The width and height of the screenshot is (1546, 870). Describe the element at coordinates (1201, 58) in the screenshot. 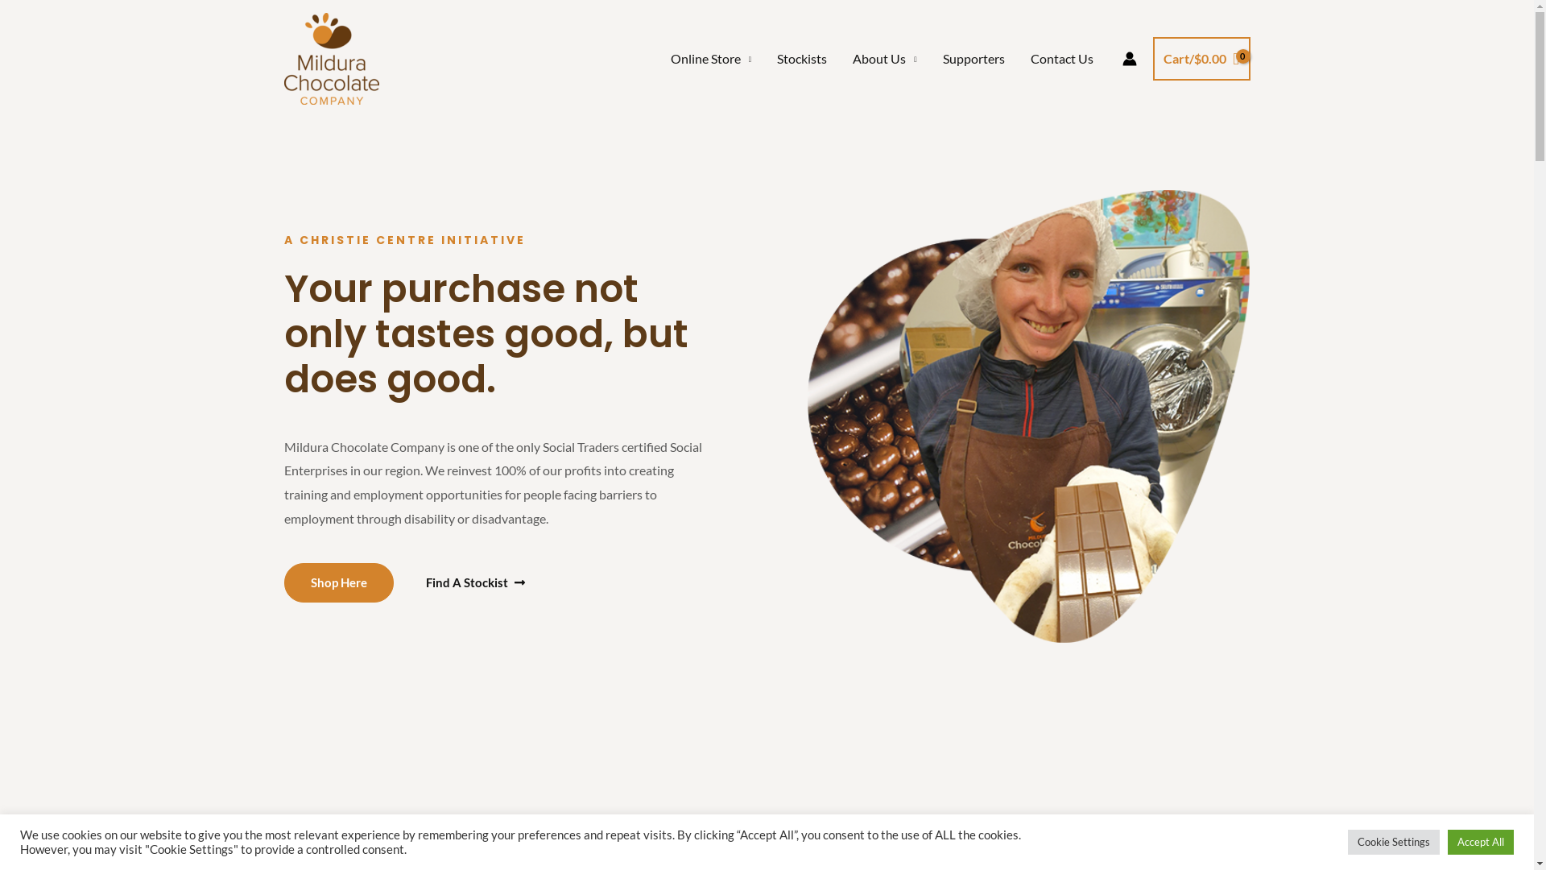

I see `'Cart/$0.00'` at that location.